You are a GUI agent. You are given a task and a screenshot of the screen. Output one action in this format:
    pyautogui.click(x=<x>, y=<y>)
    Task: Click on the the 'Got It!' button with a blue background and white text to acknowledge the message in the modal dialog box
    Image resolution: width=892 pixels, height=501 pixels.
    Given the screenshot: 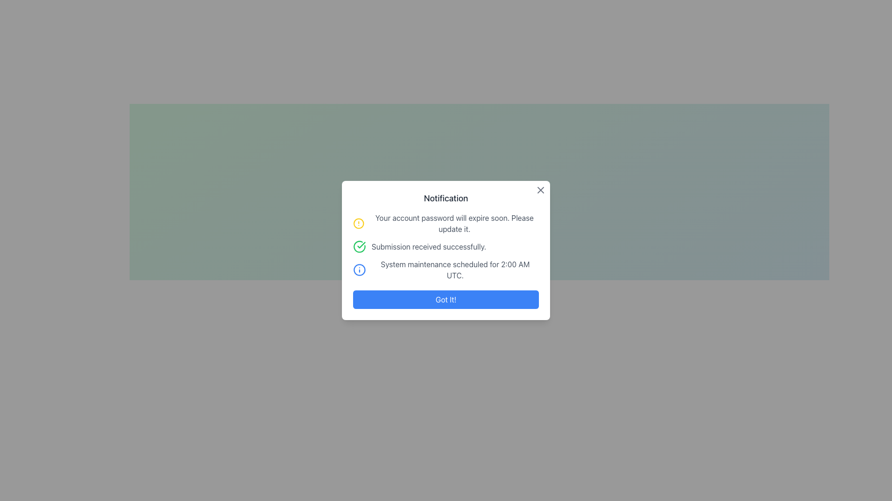 What is the action you would take?
    pyautogui.click(x=446, y=299)
    